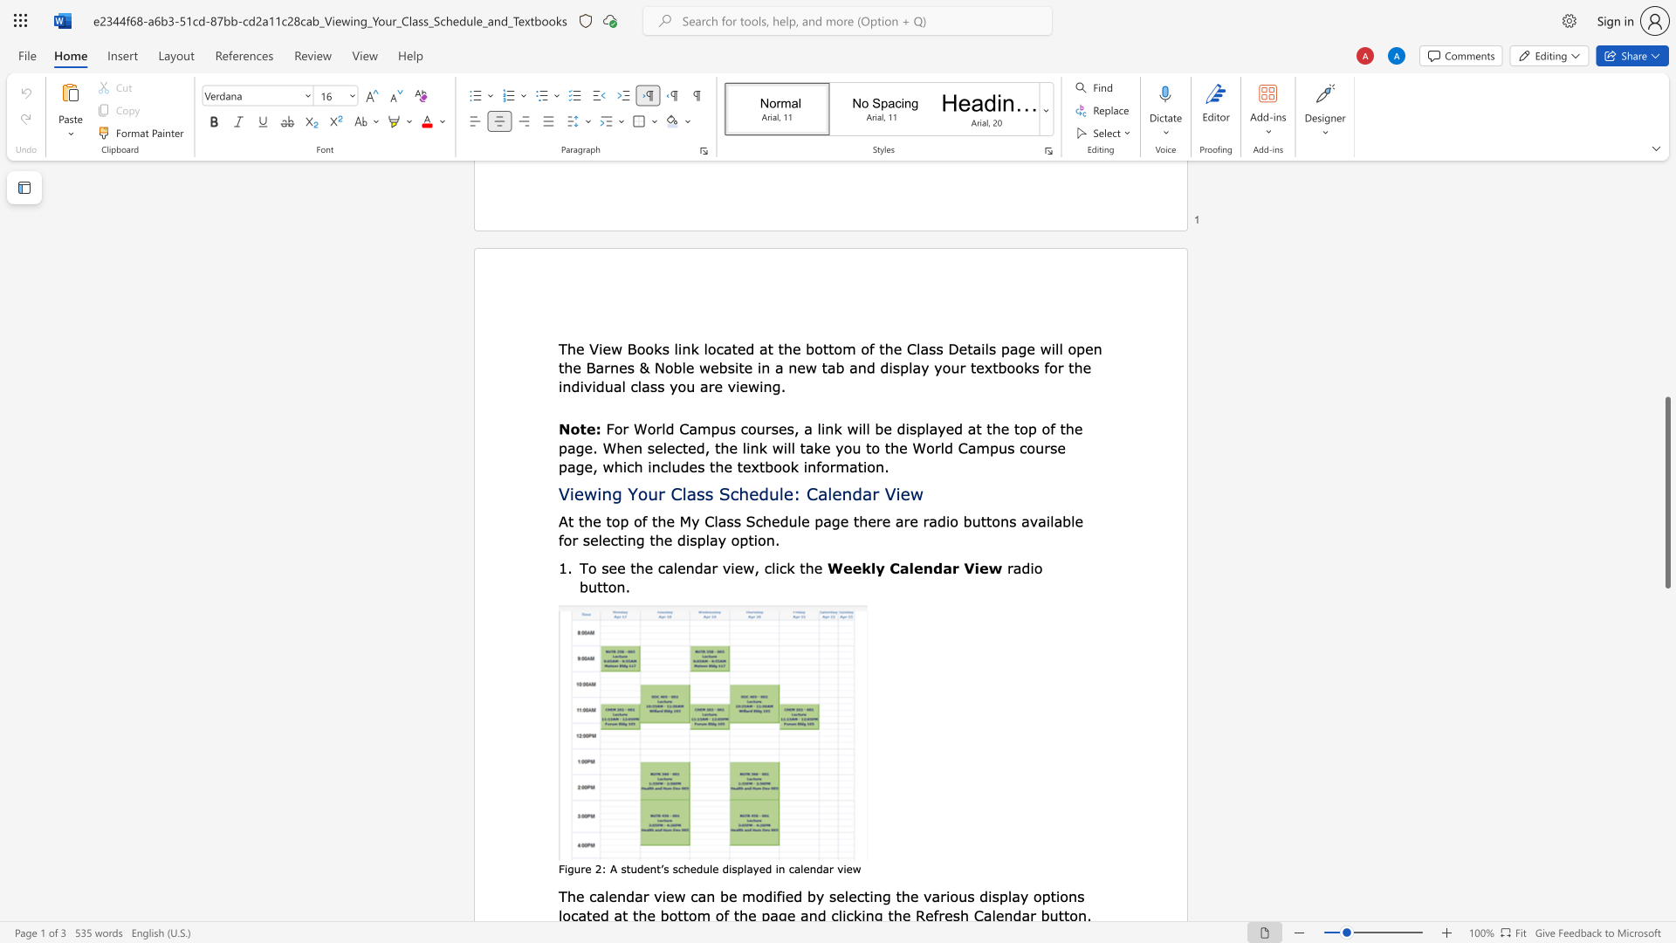  Describe the element at coordinates (1666, 313) in the screenshot. I see `the vertical scrollbar to raise the page content` at that location.